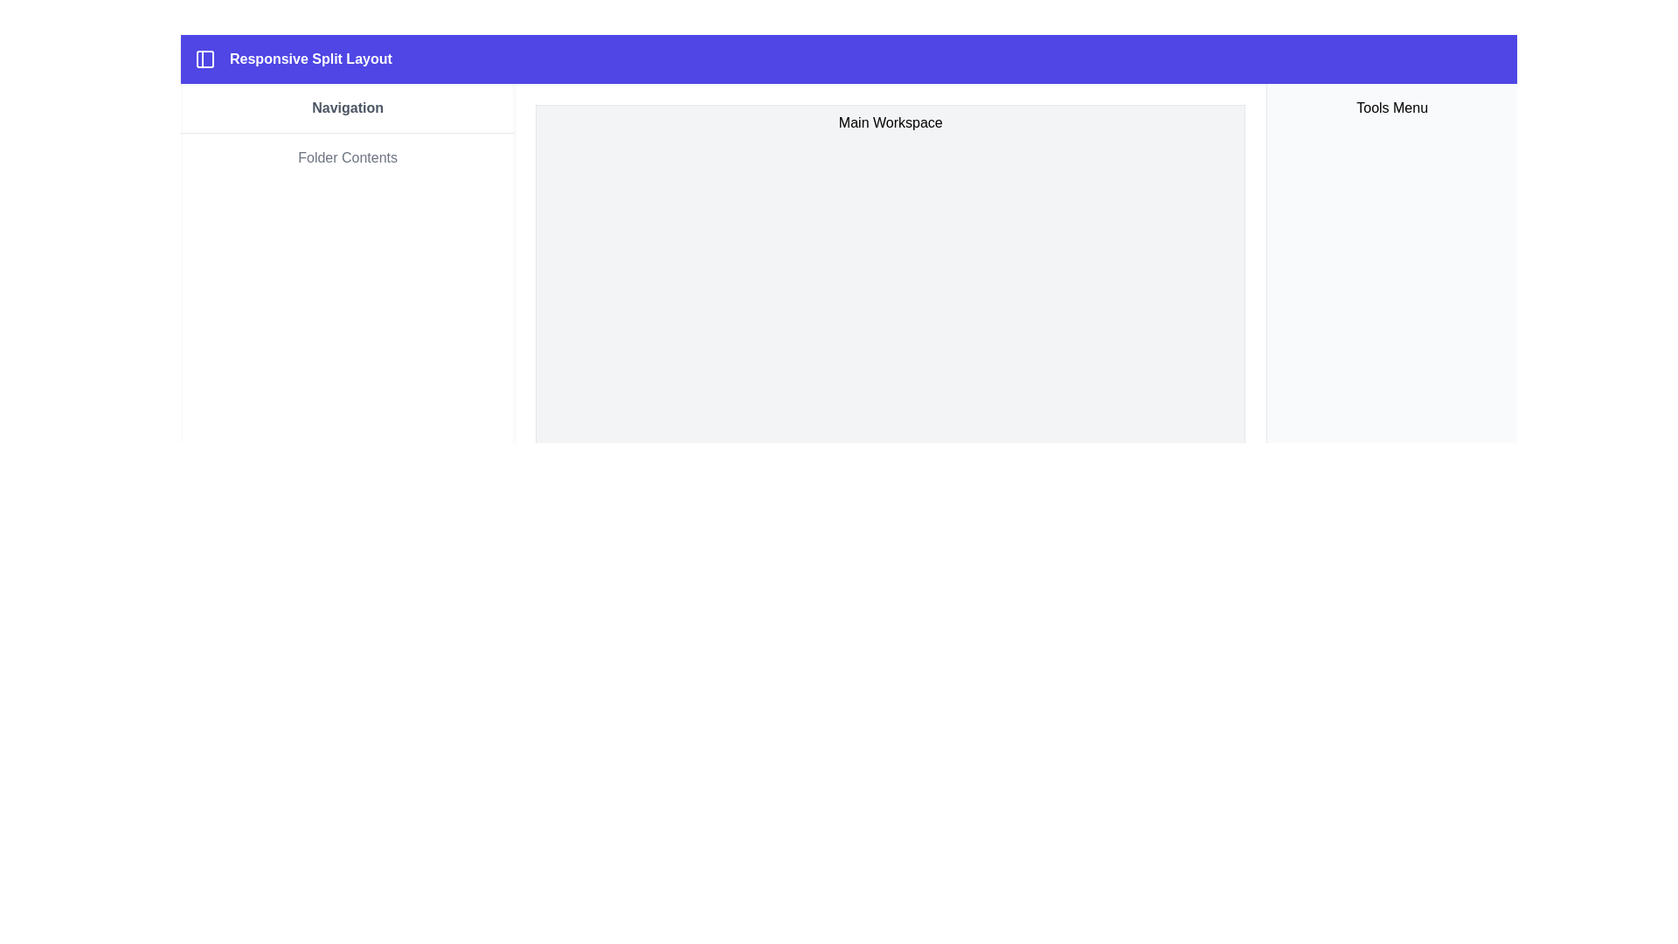 The image size is (1678, 944). I want to click on text label 'Responsive Split Layout' located in the top navigation header bar, aligned to the left of the interface, next to a split layout icon, so click(310, 59).